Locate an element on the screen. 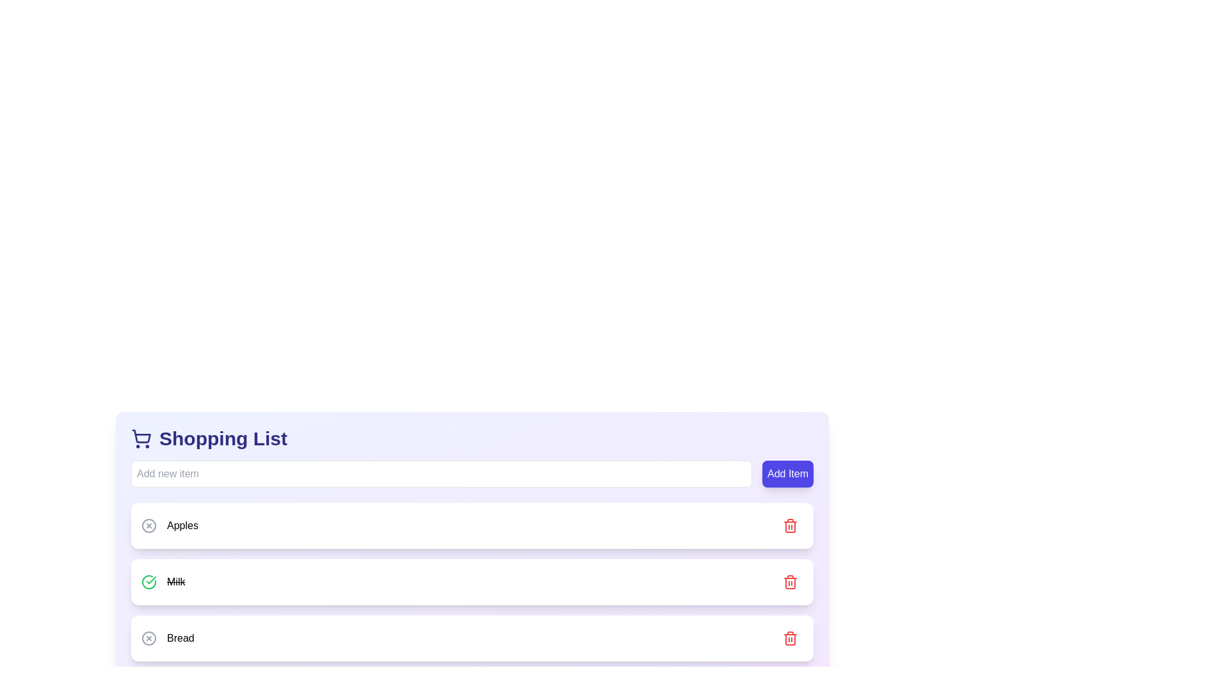 This screenshot has height=691, width=1229. the circular icon with an 'X' mark, which is light gray and located to the left of the 'Apples' text in the shopping list is located at coordinates (149, 525).